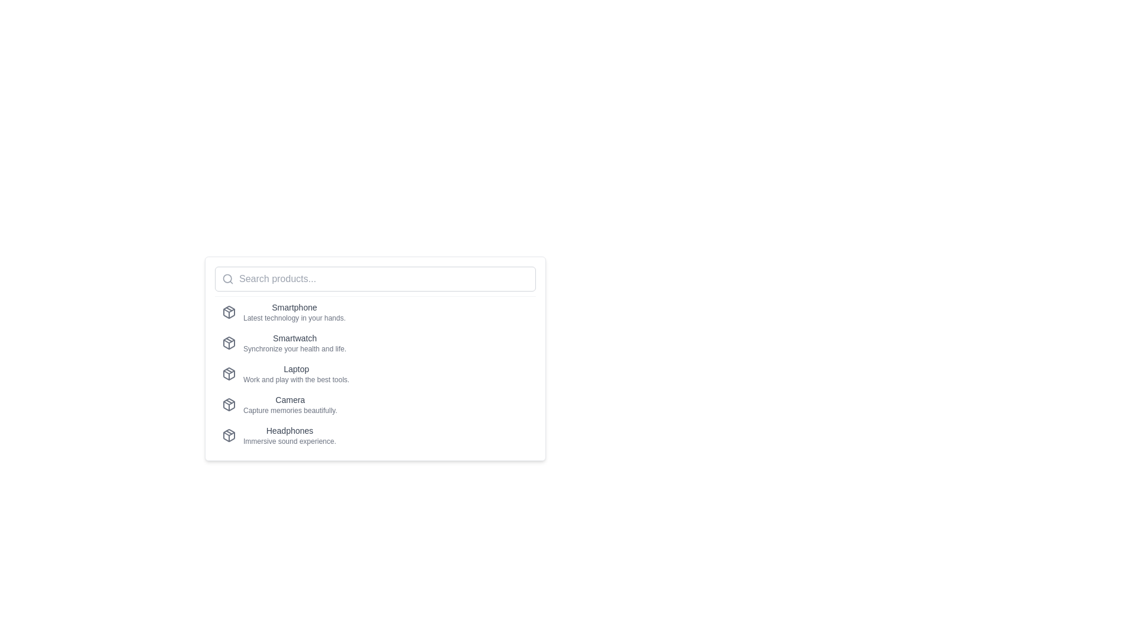 This screenshot has height=640, width=1137. Describe the element at coordinates (374, 404) in the screenshot. I see `the fourth list item labeled 'Camera'` at that location.